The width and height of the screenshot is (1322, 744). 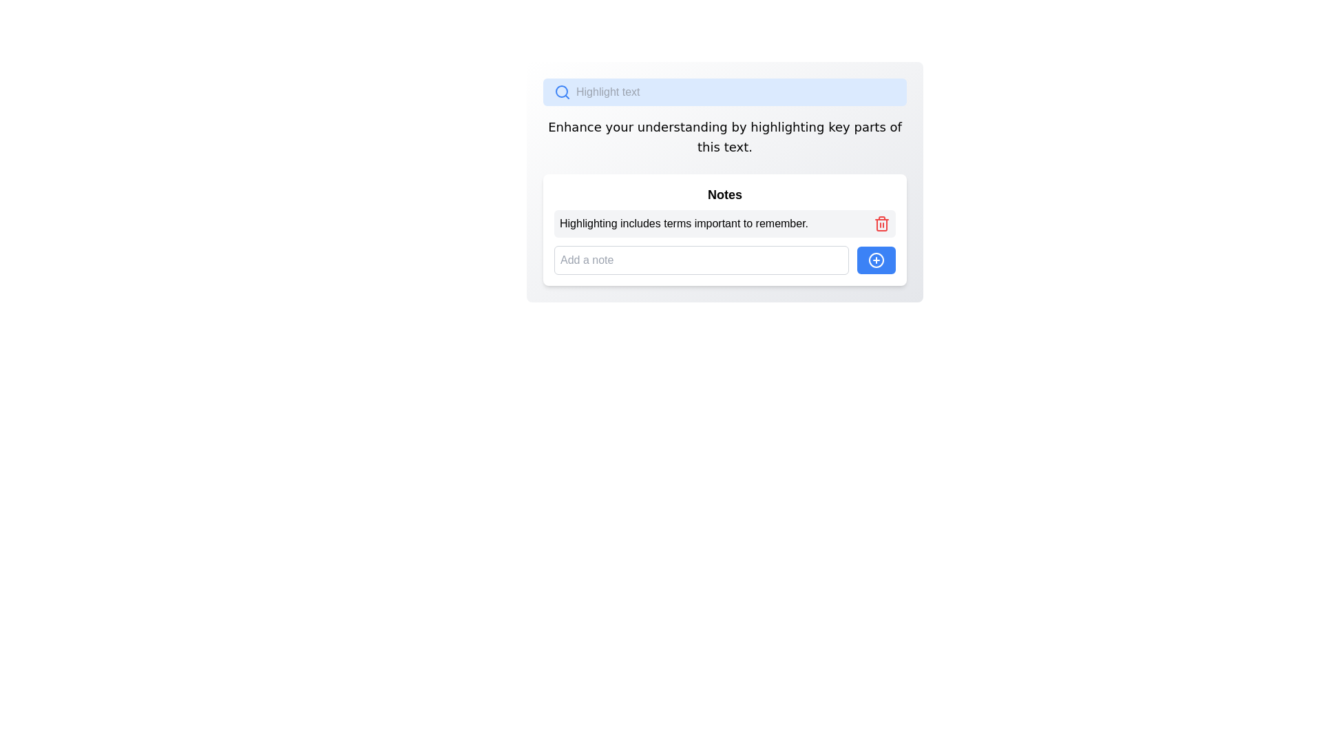 I want to click on the lowercase letter 'k' in the word 'key' within the sentence 'Enhance your understanding by highlighting key parts of this text.', so click(x=831, y=127).